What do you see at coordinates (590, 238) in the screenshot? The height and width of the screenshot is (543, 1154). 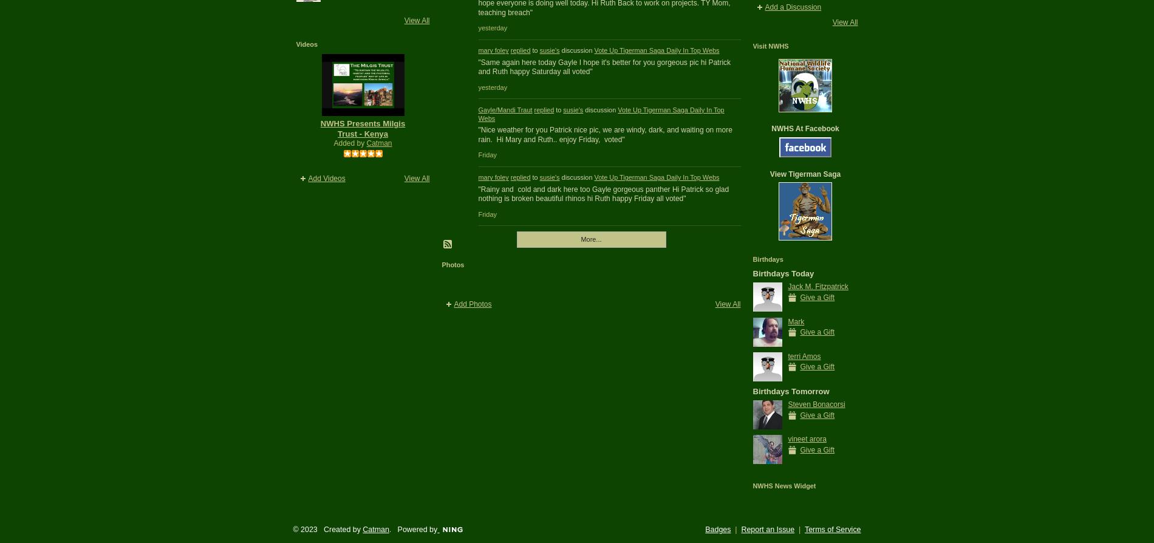 I see `'More...'` at bounding box center [590, 238].